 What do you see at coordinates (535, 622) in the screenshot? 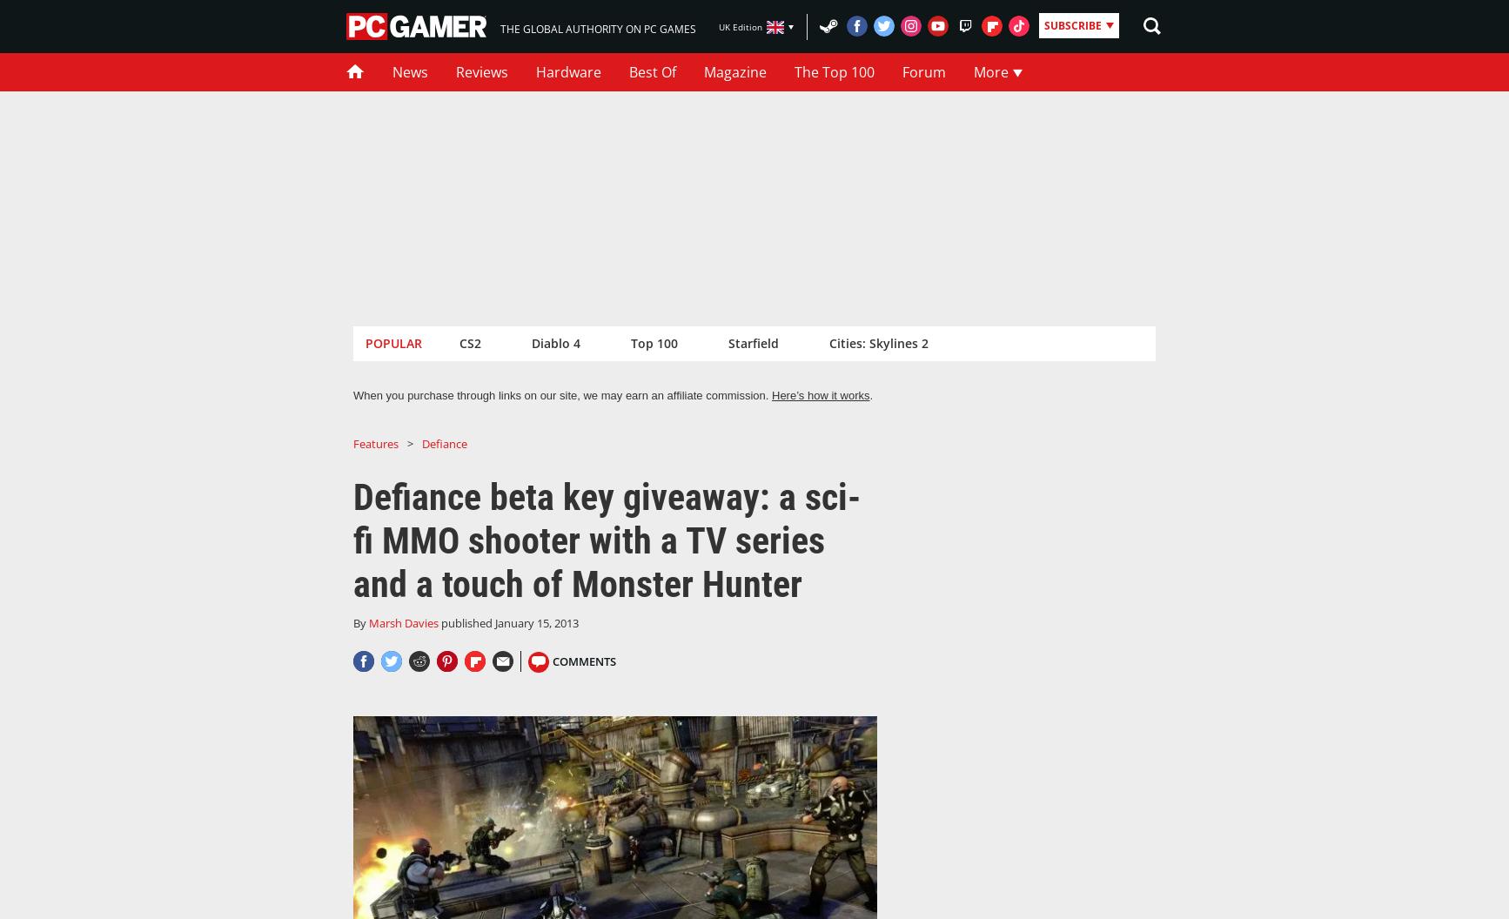
I see `'January 15, 2013'` at bounding box center [535, 622].